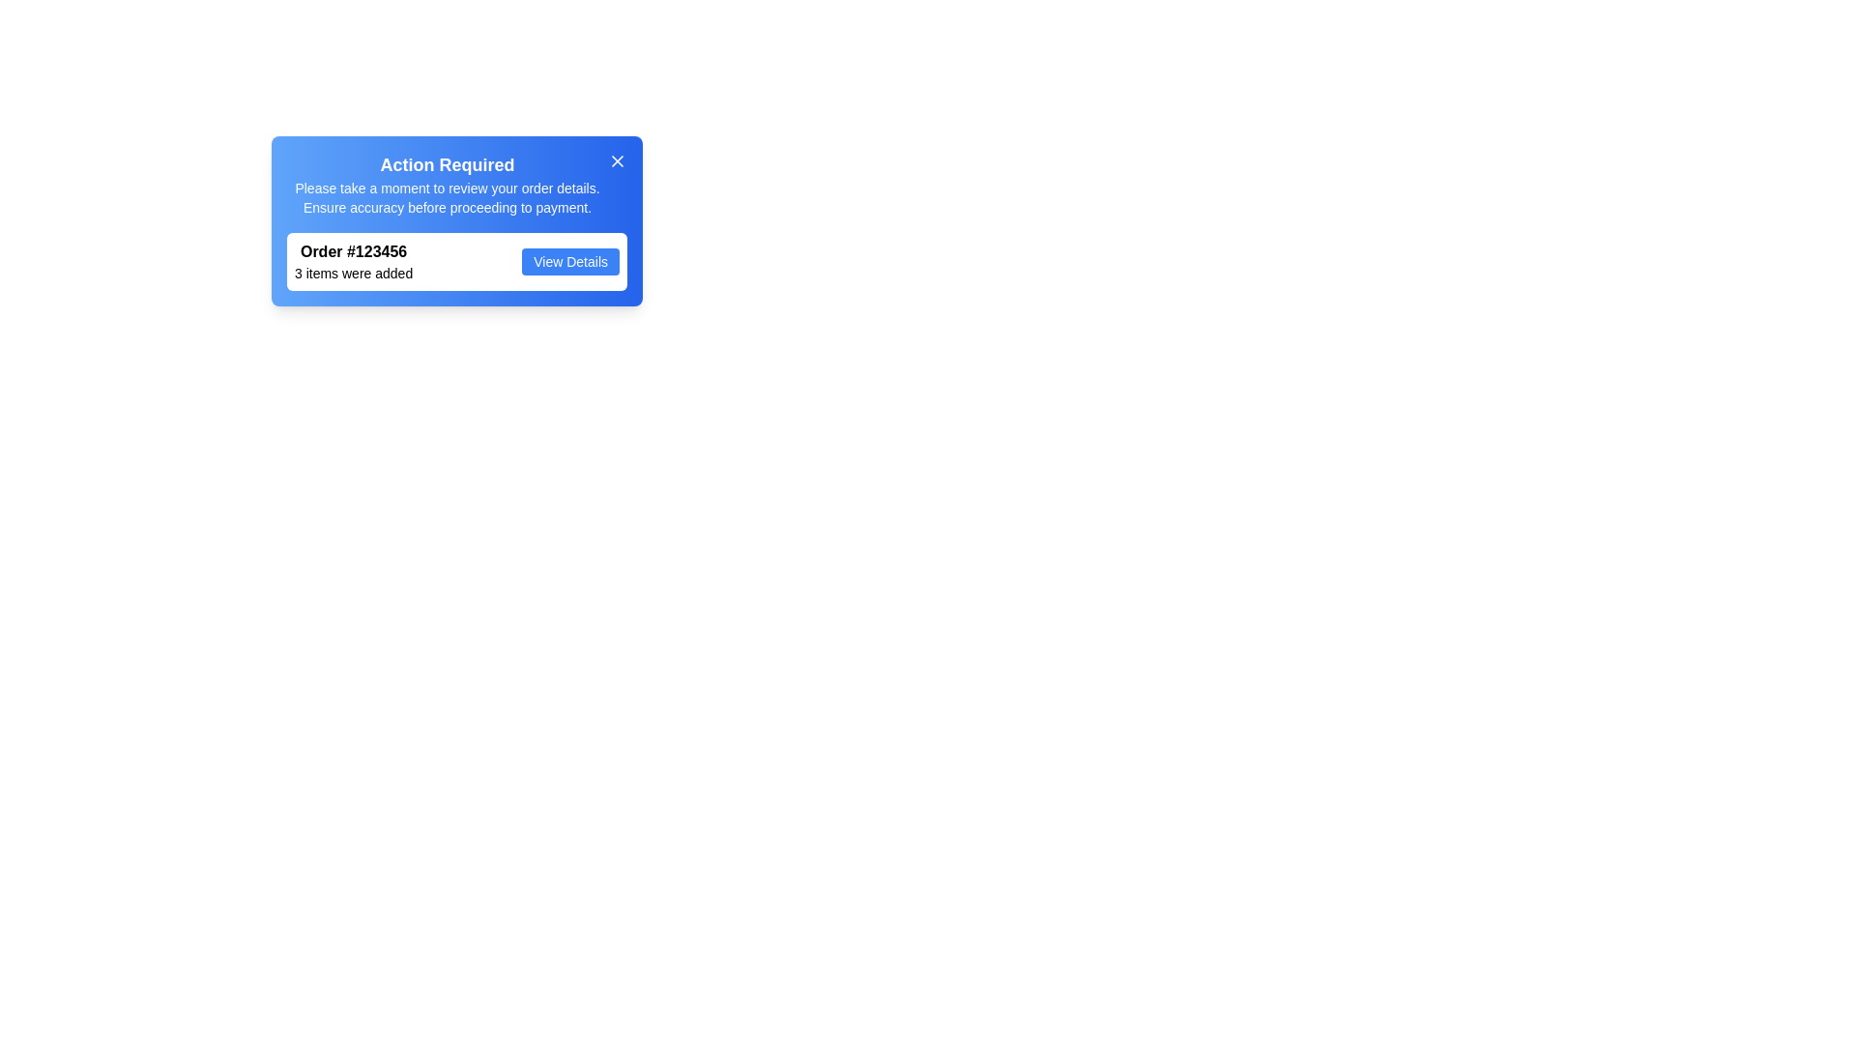  Describe the element at coordinates (354, 261) in the screenshot. I see `information displayed in the Text Block containing 'Order #123456' and '3 items were added', which is located towards the upper center of the interface, part of a notification card` at that location.